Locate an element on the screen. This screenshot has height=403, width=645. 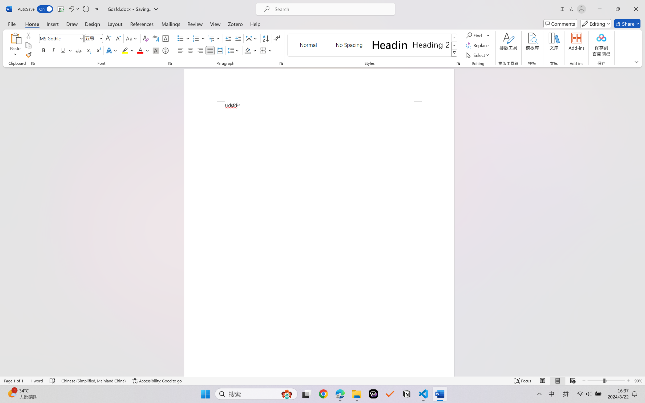
'Phonetic Guide...' is located at coordinates (155, 38).